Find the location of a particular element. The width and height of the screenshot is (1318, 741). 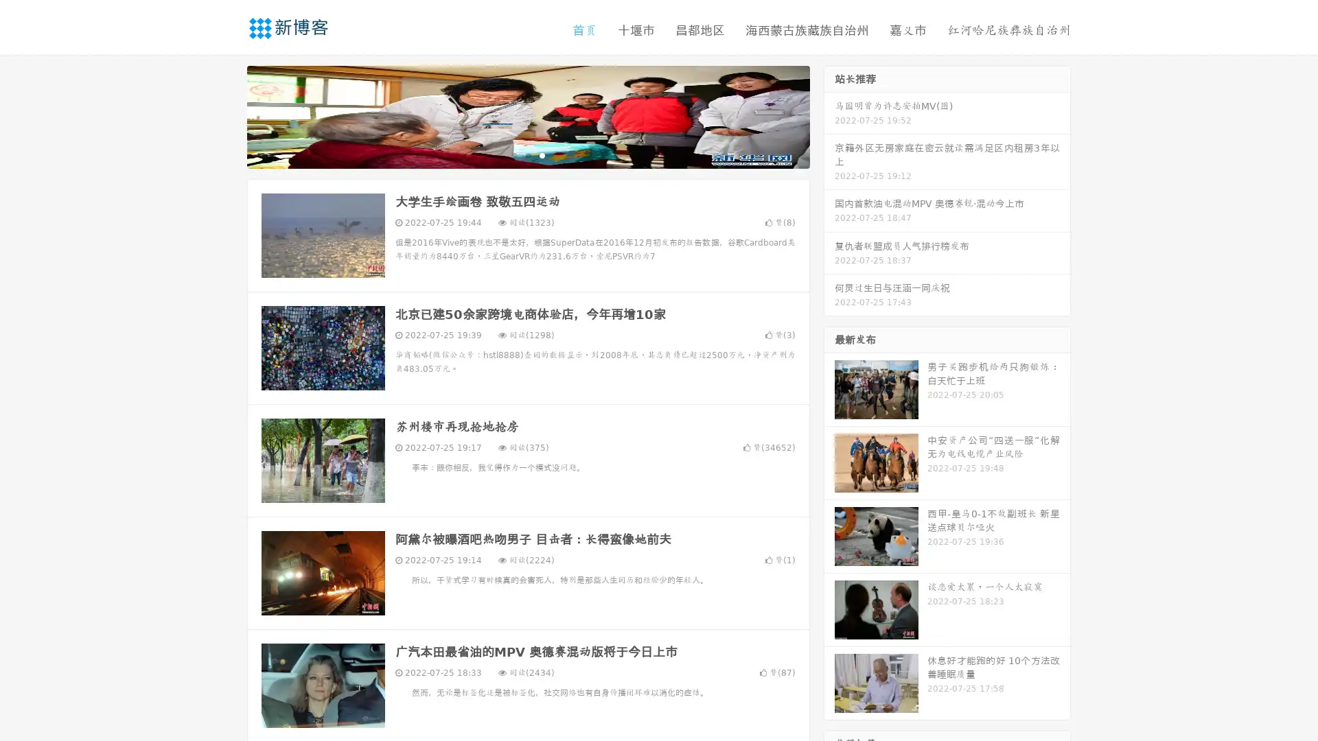

Previous slide is located at coordinates (227, 115).